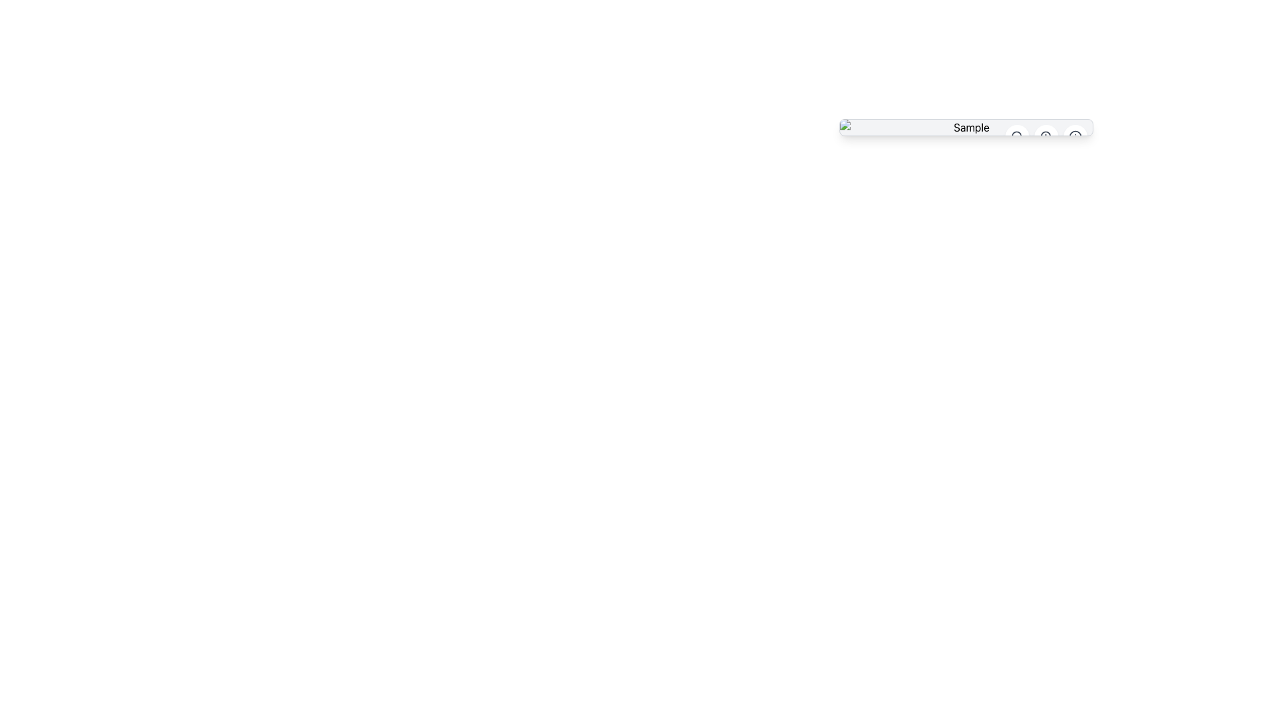 The height and width of the screenshot is (714, 1270). What do you see at coordinates (1076, 137) in the screenshot?
I see `the informational icon located on the right side of the horizontal bar` at bounding box center [1076, 137].